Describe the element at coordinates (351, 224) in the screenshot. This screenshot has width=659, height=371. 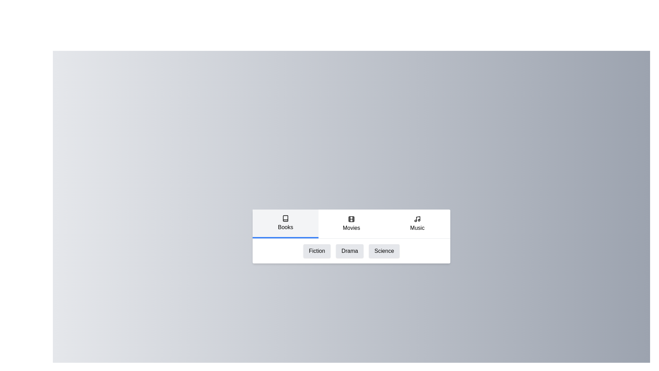
I see `the Movies tab to activate it` at that location.